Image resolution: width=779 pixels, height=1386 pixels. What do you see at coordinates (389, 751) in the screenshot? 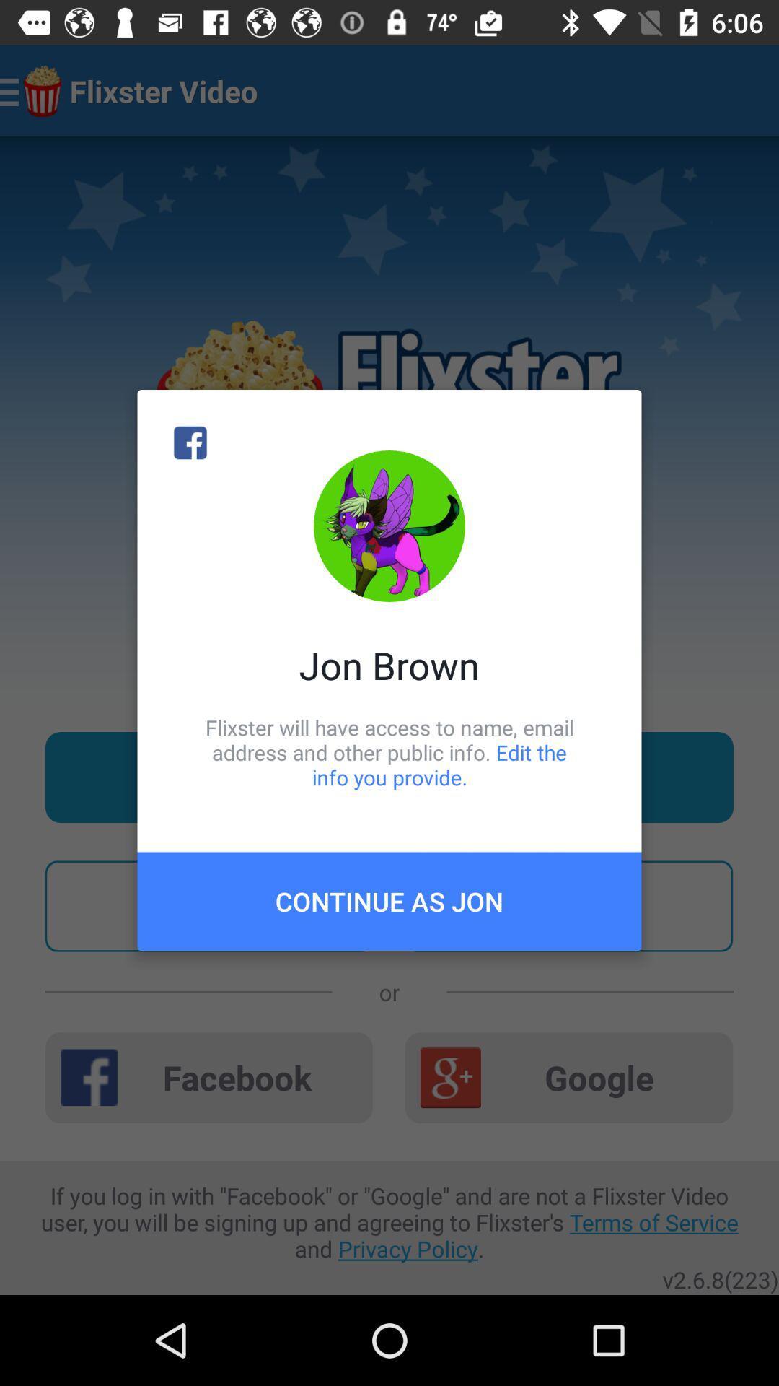
I see `the item above the continue as jon item` at bounding box center [389, 751].